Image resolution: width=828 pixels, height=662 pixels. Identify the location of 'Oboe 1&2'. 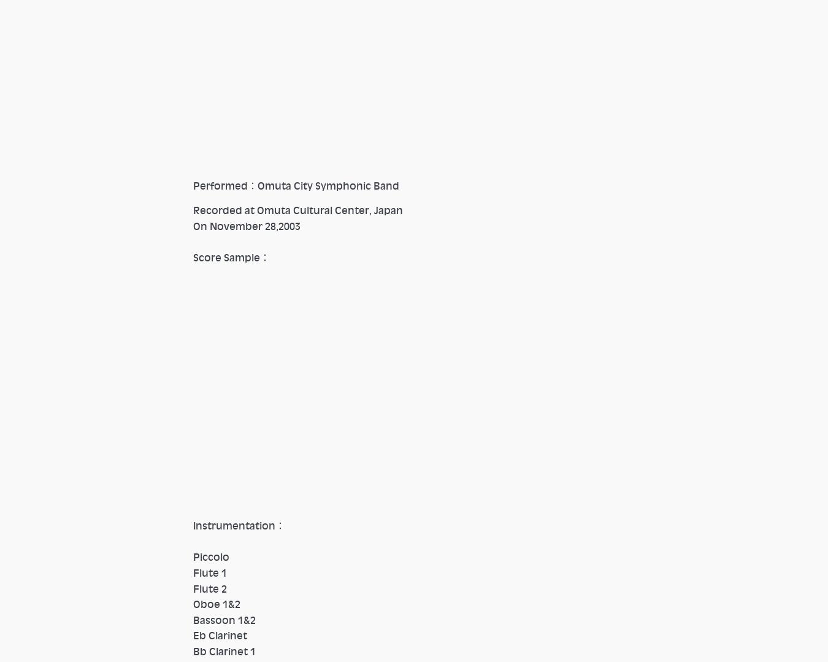
(217, 604).